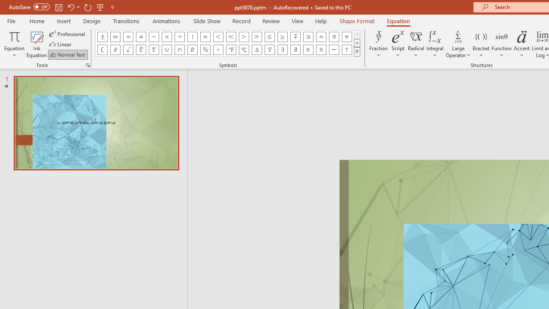 The width and height of the screenshot is (549, 309). I want to click on 'Equation Symbol Less Than or Equal To', so click(269, 36).